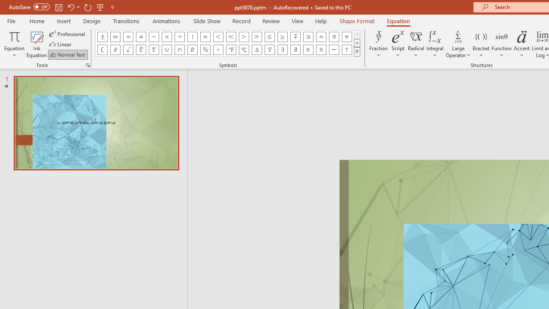 The width and height of the screenshot is (549, 309). I want to click on 'Equation Symbol Less Than or Equal To', so click(269, 36).